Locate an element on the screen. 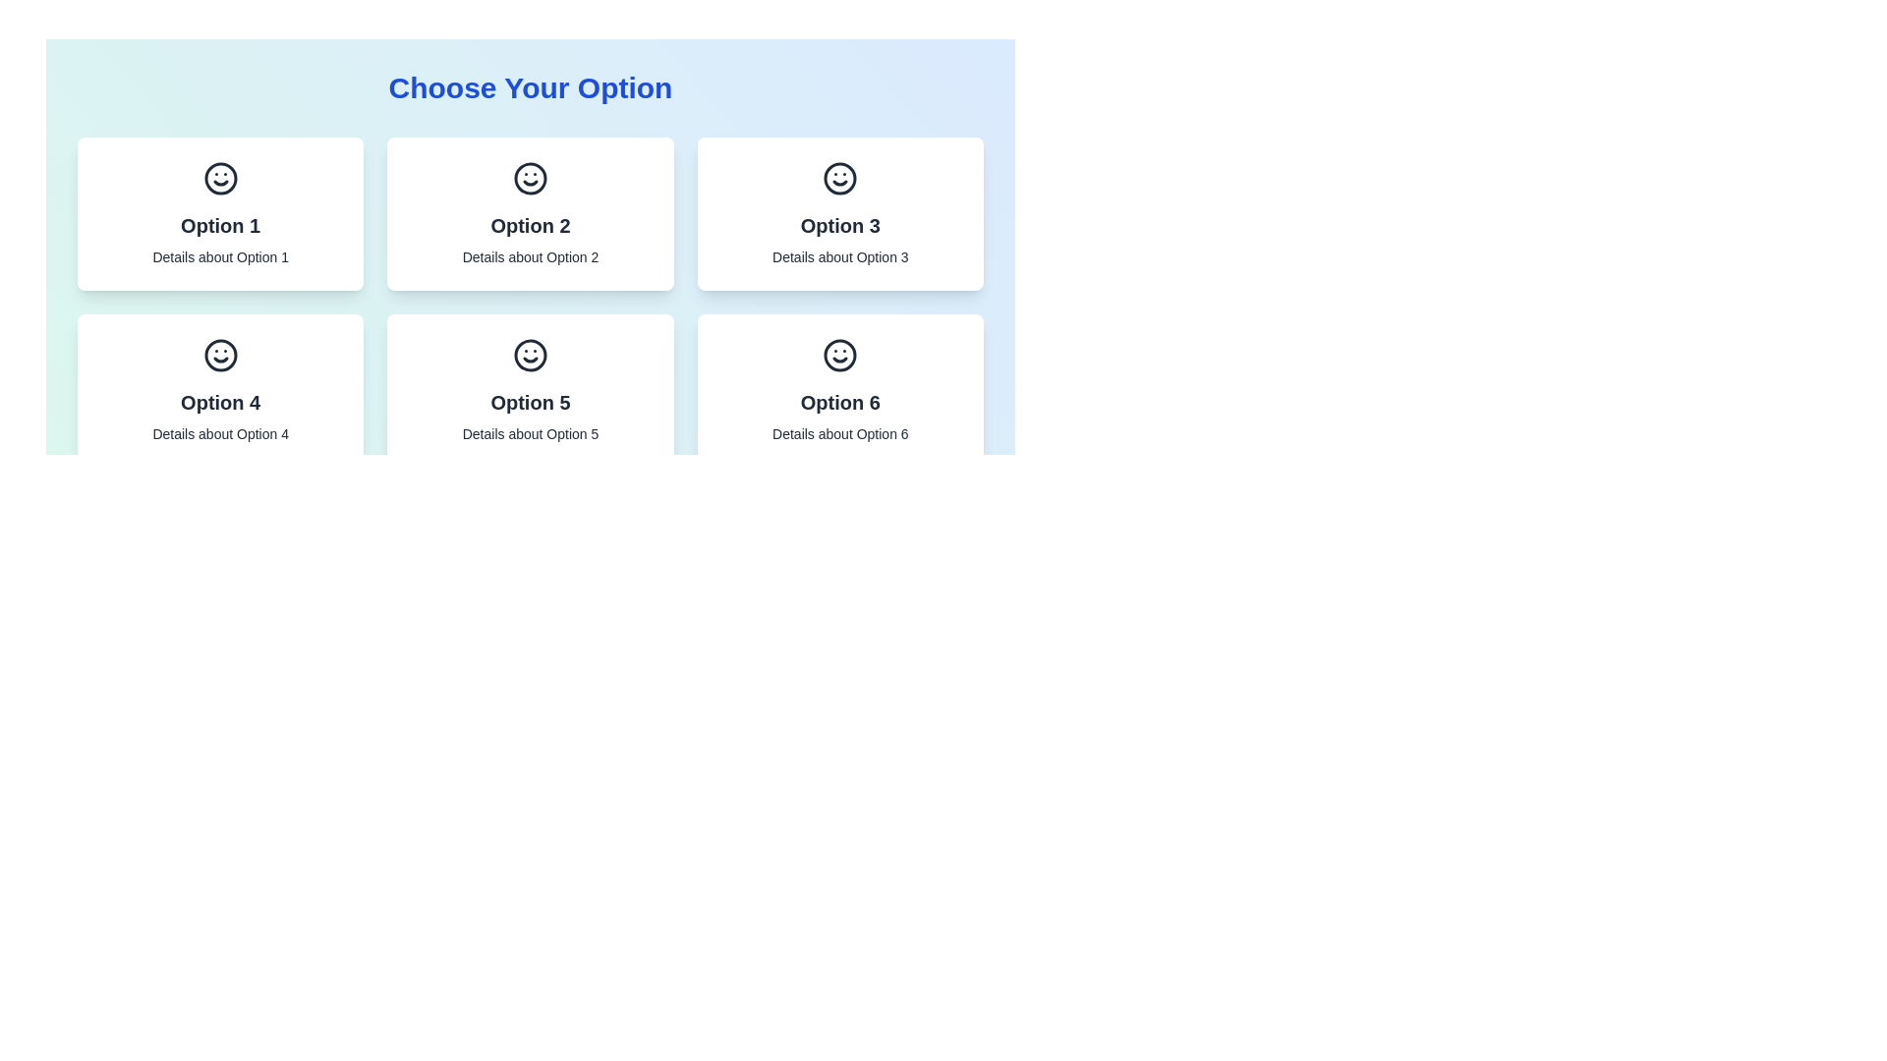 The height and width of the screenshot is (1061, 1887). the selectable card titled 'Option 5' with a smiling face icon is located at coordinates (530, 390).